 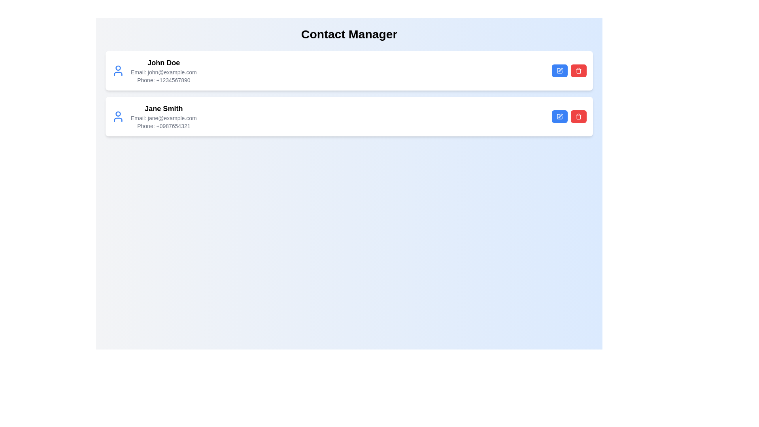 What do you see at coordinates (560, 116) in the screenshot?
I see `the edit icon located to the right of the contact details for 'Jane Smith' in the second row of the contact list interface for keyboard interactions` at bounding box center [560, 116].